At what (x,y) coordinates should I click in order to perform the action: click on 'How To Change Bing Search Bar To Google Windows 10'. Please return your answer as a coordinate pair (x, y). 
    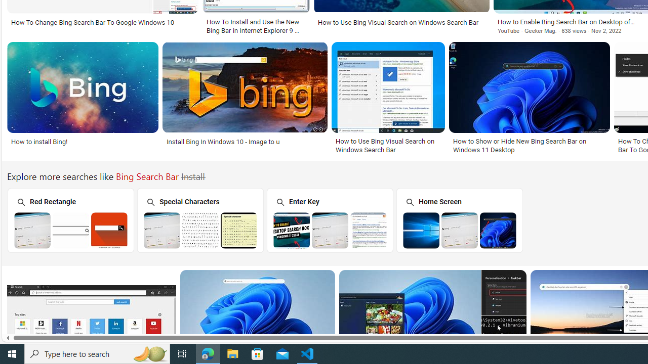
    Looking at the image, I should click on (93, 22).